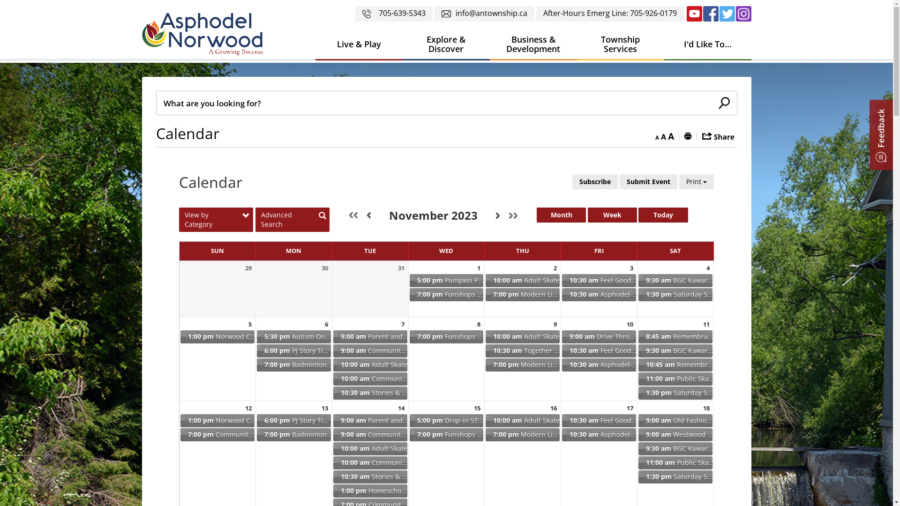  I want to click on 'Week', so click(612, 215).